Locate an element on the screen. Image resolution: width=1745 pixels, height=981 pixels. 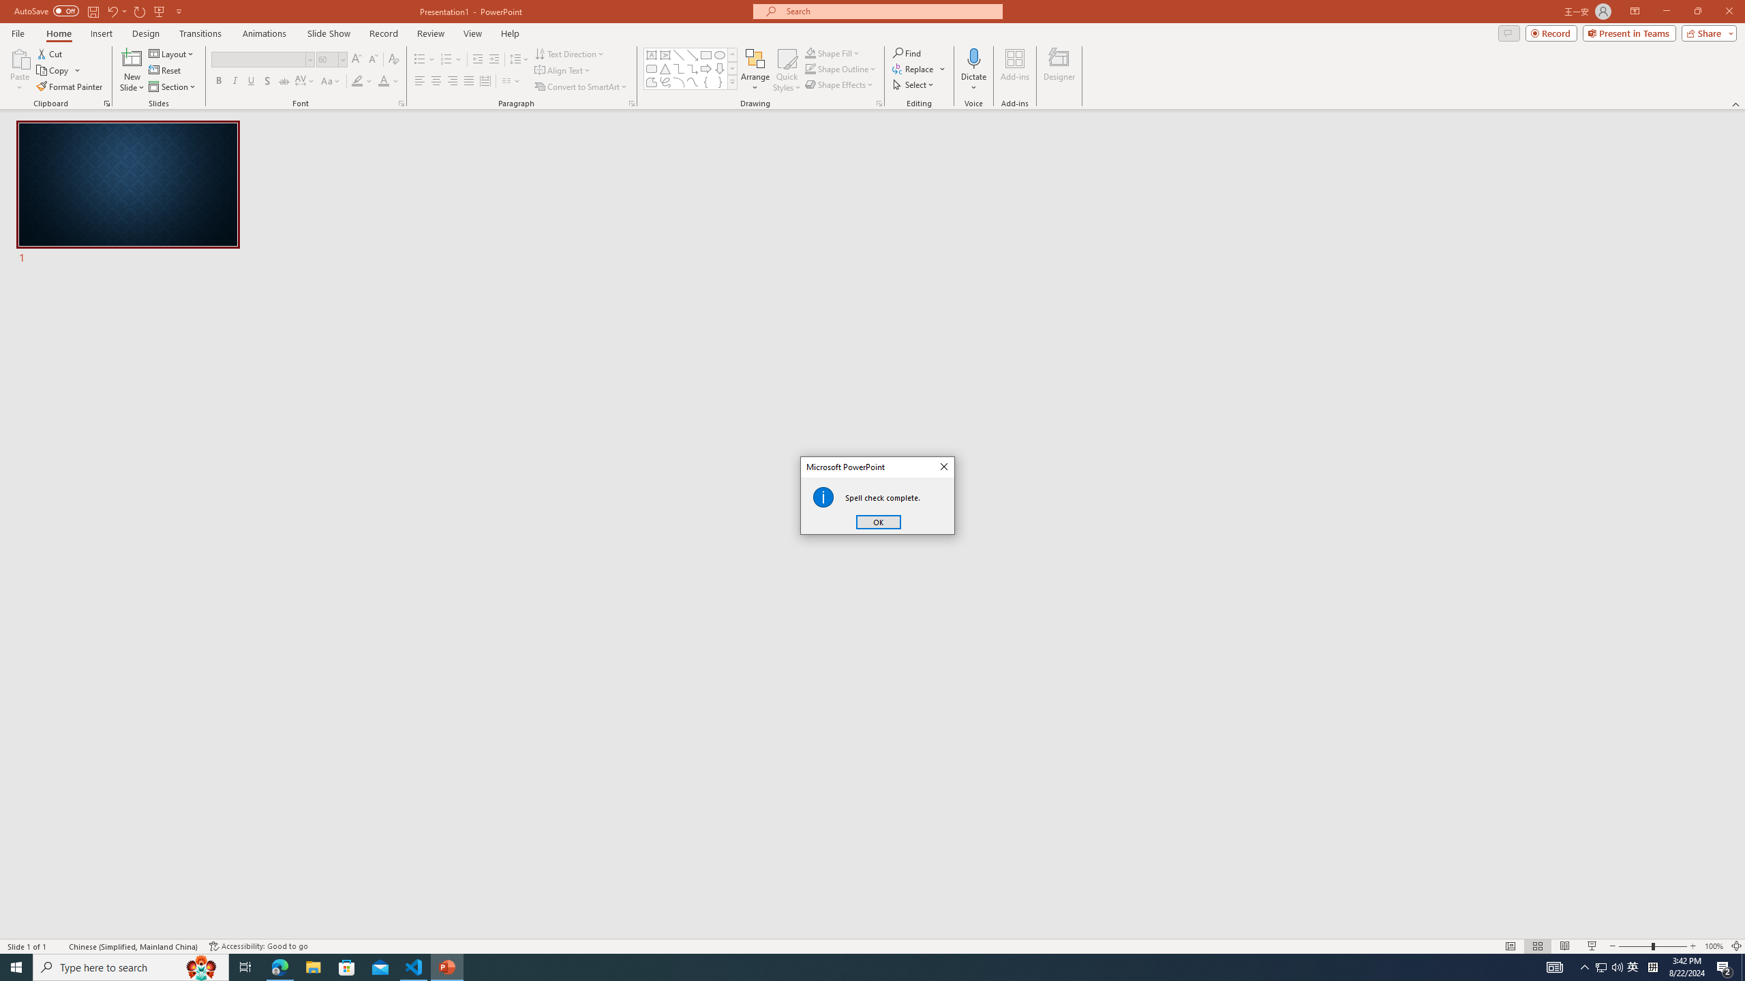
'OK' is located at coordinates (878, 521).